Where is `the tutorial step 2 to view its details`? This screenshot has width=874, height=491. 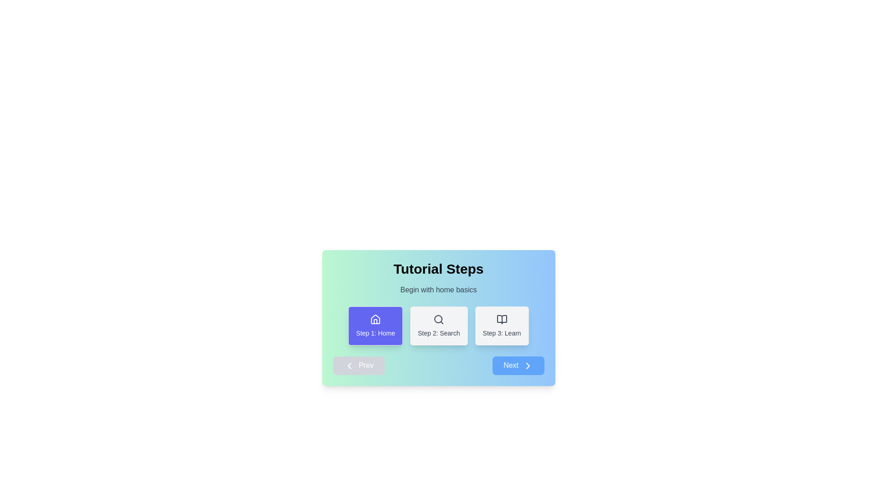
the tutorial step 2 to view its details is located at coordinates (439, 326).